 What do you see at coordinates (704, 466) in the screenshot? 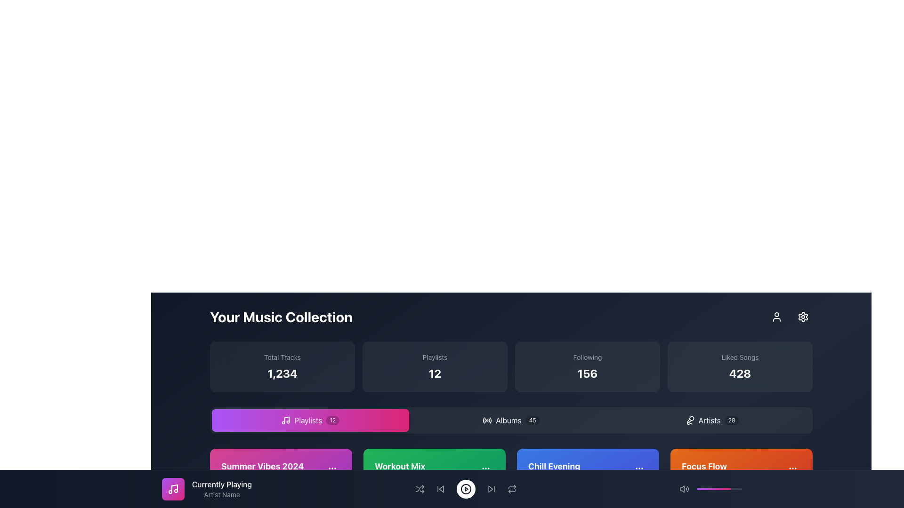
I see `text displayed on the 'Focus Flow' label, which is a bold, white text on a vivid orange background located in the bottom-right corner of the playlist cards section` at bounding box center [704, 466].